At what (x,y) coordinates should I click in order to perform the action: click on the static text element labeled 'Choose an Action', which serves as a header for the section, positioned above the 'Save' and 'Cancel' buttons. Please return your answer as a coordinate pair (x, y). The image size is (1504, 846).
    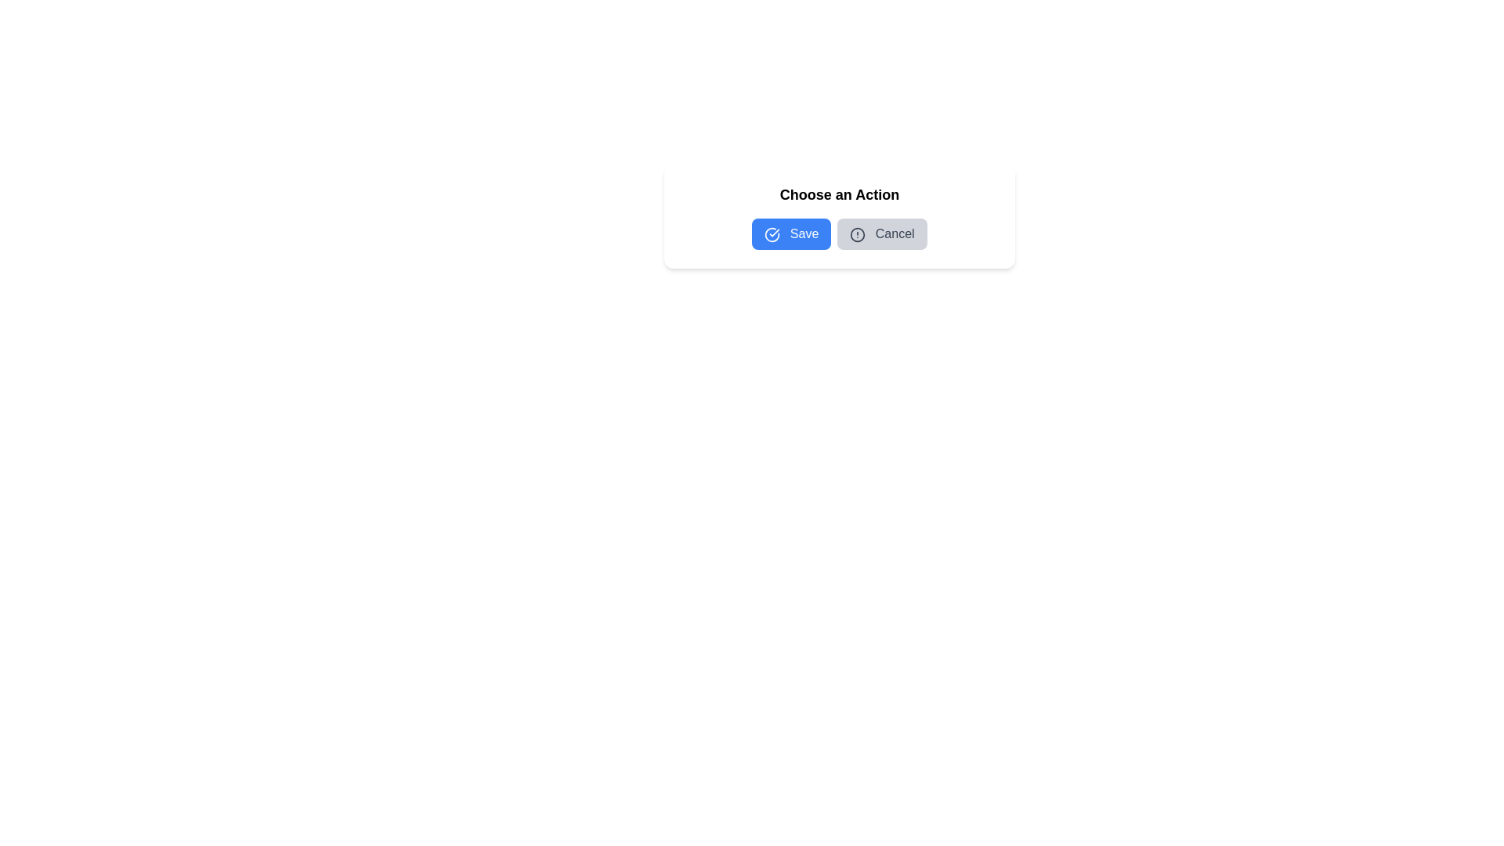
    Looking at the image, I should click on (838, 194).